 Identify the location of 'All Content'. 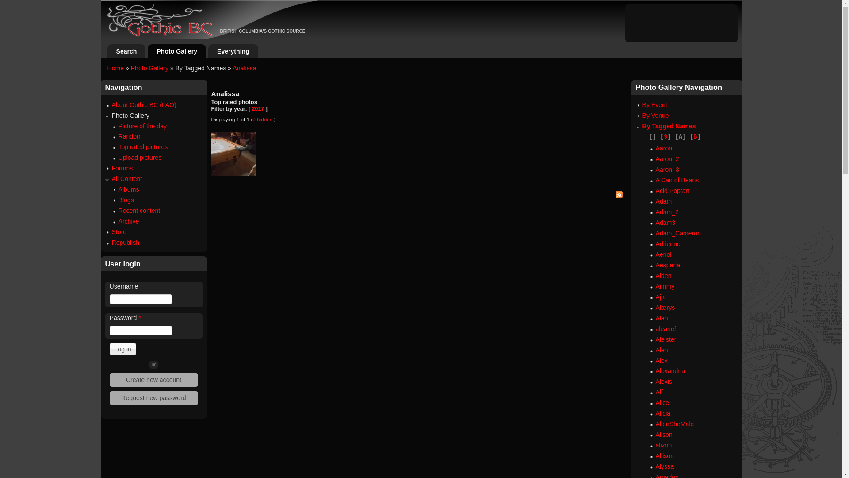
(126, 179).